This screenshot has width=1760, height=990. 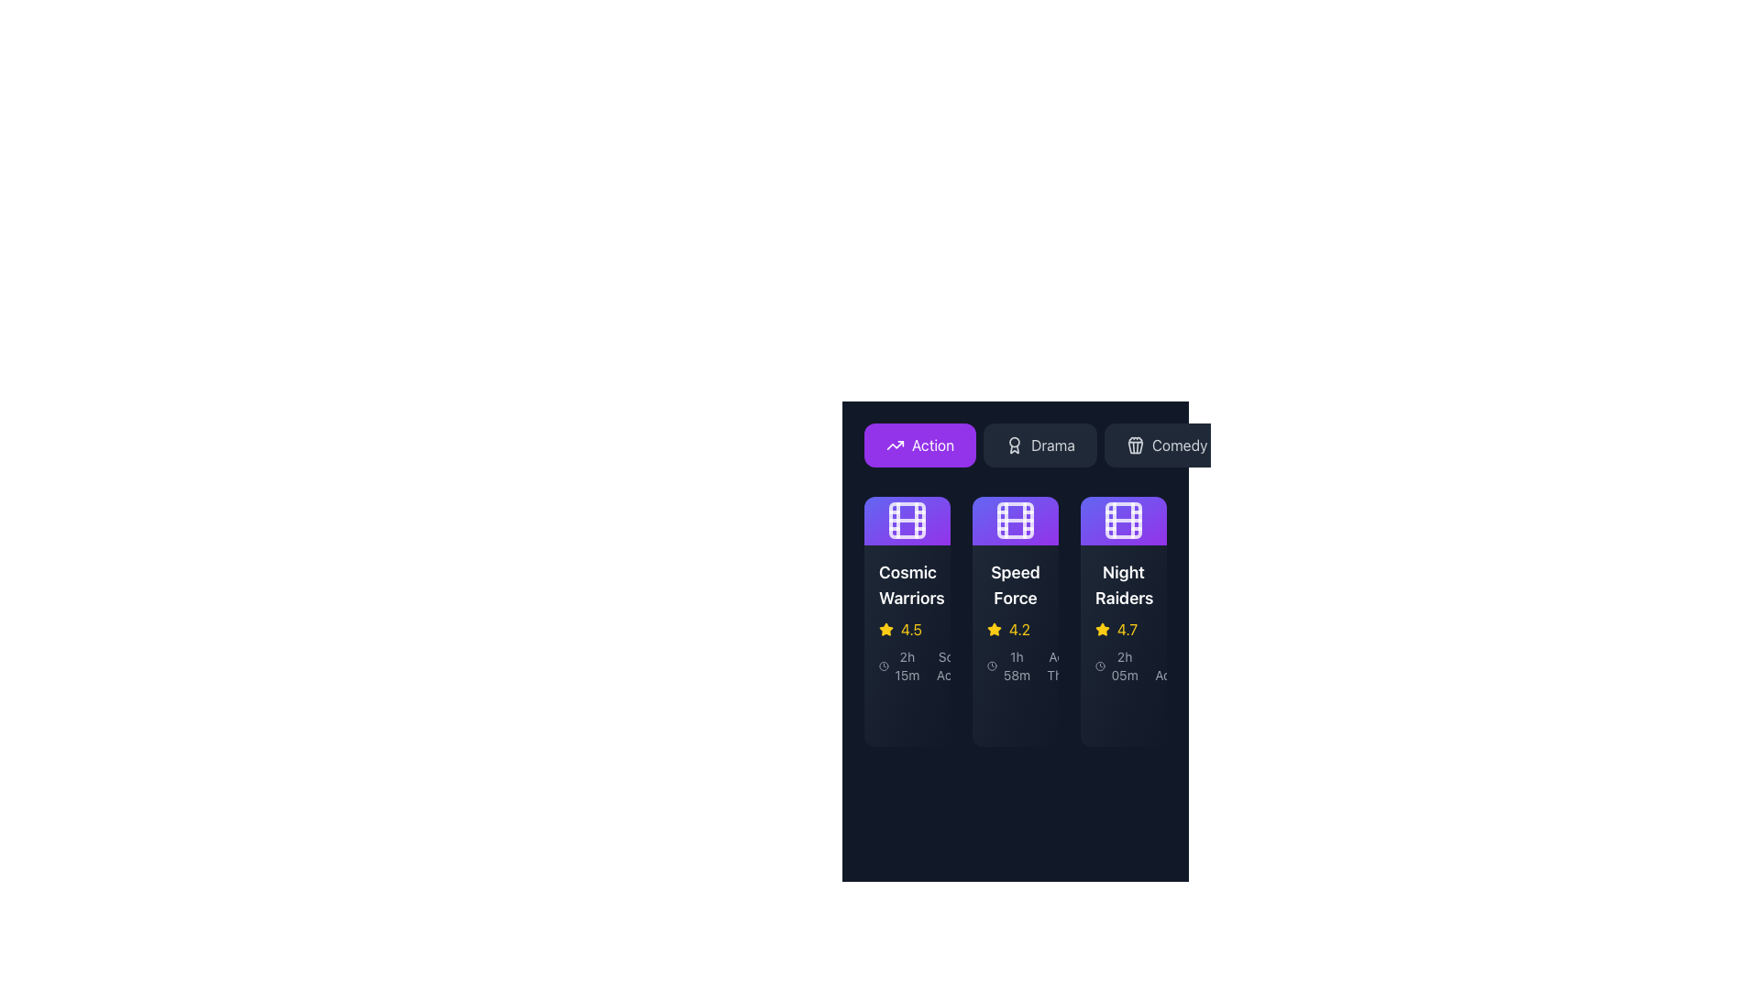 What do you see at coordinates (1134, 445) in the screenshot?
I see `the Comedy genre icon located within the button labeled 'Comedy' in the horizontal menu bar, positioned to the left of the text 'Comedy'` at bounding box center [1134, 445].